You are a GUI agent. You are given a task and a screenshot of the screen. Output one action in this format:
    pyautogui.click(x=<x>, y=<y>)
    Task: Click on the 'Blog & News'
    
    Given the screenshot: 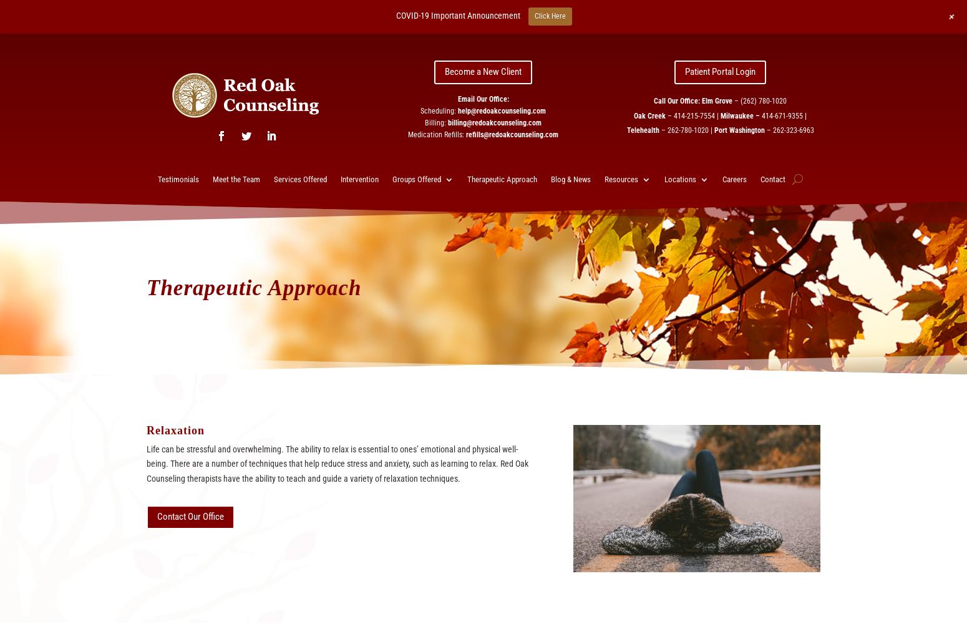 What is the action you would take?
    pyautogui.click(x=550, y=178)
    